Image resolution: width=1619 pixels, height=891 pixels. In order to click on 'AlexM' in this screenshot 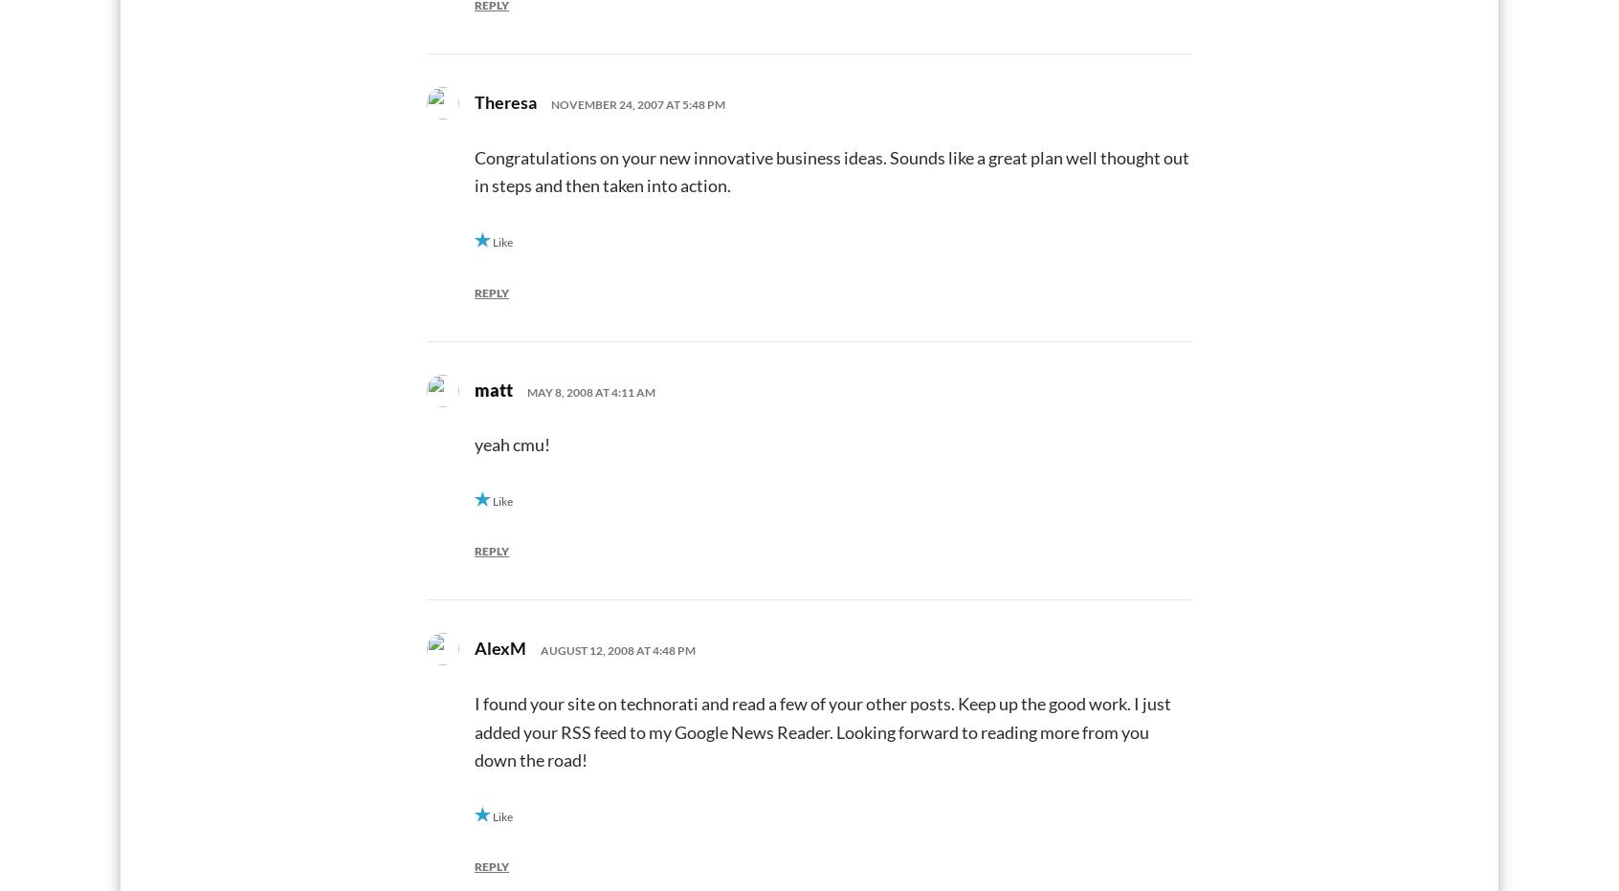, I will do `click(499, 648)`.